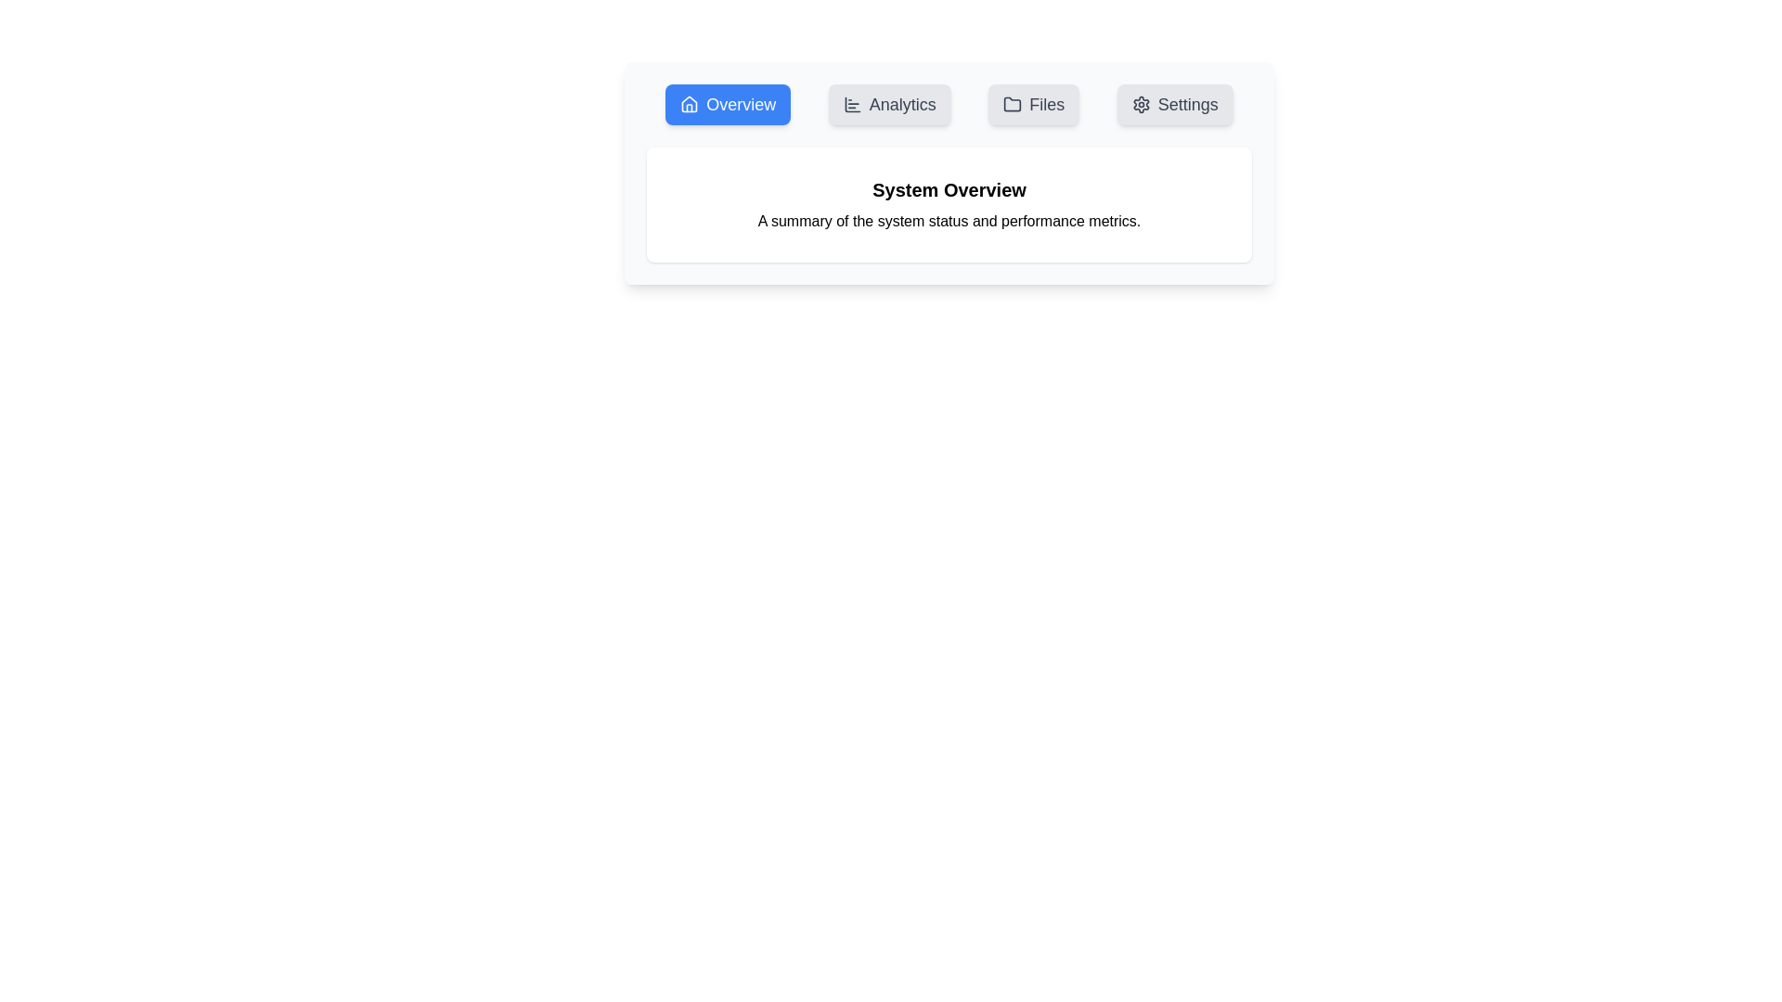  Describe the element at coordinates (949, 173) in the screenshot. I see `the Informative panel titled 'System Overview' with a light gray background, located below the navigation bar and centered in the main content section` at that location.